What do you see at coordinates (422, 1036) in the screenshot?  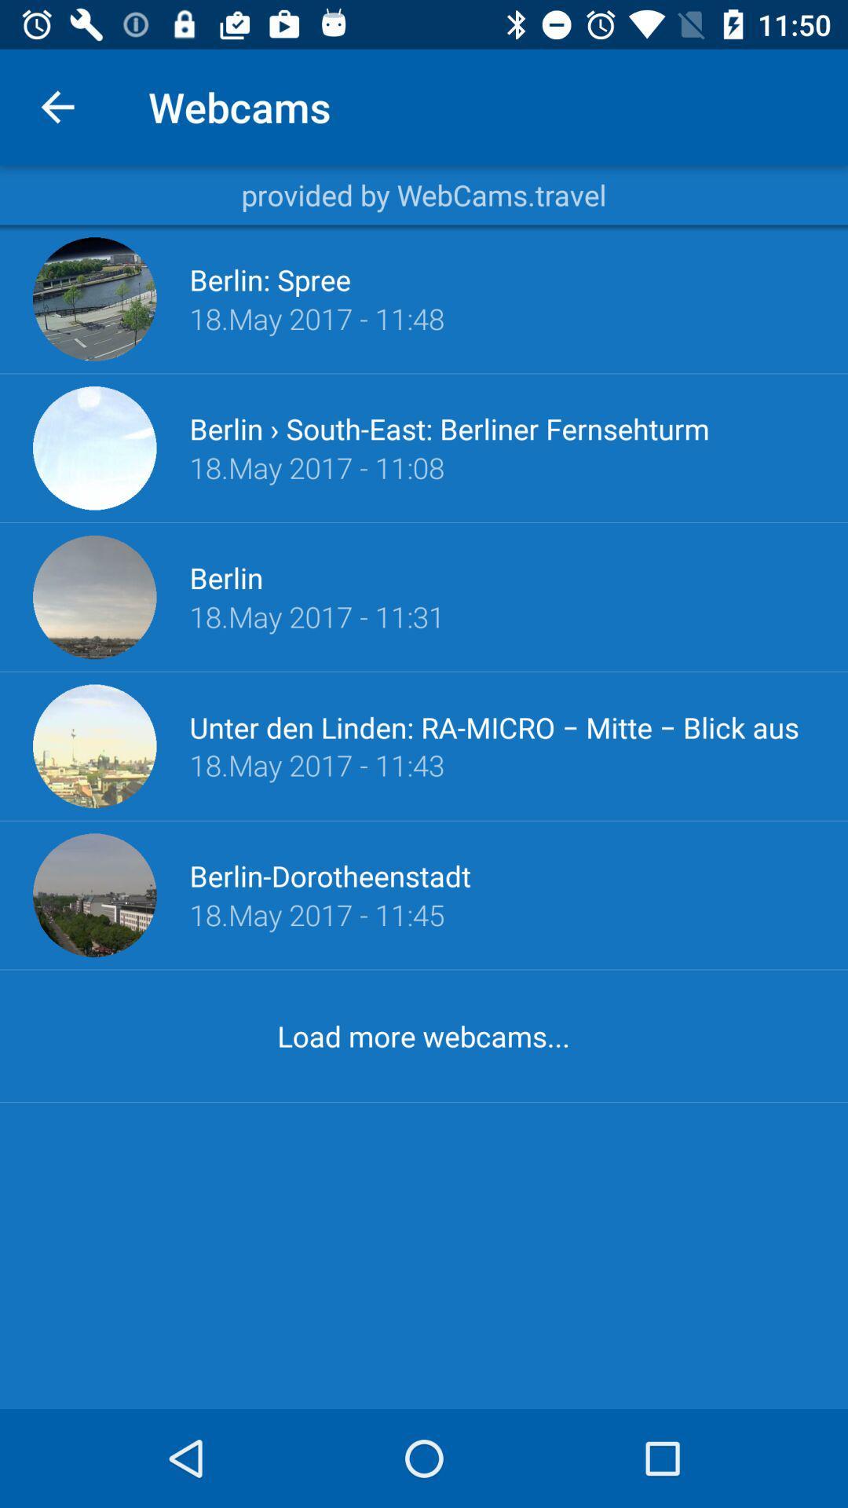 I see `load more webcams... icon` at bounding box center [422, 1036].